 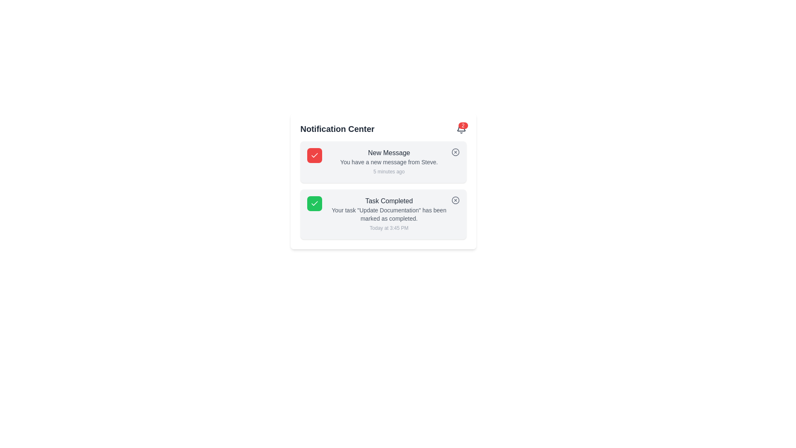 I want to click on the text message that reads, 'You have a new message from Steve.' in the notification item located in the top notification card of the Notification Center, so click(x=388, y=162).